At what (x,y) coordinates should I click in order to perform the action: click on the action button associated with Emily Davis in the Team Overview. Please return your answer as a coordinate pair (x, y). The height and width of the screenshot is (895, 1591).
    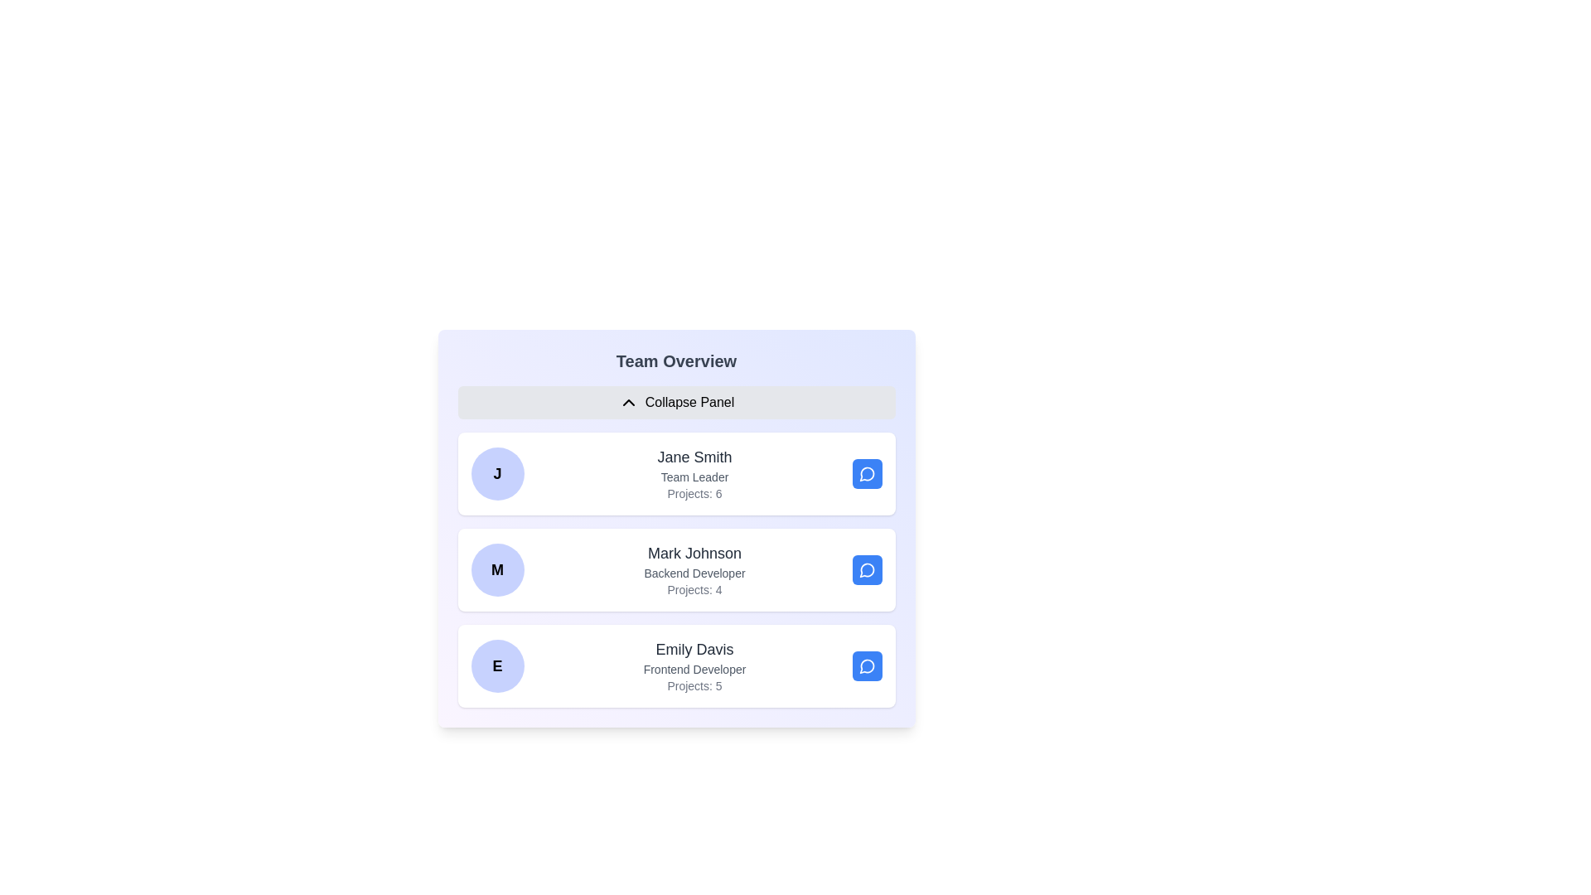
    Looking at the image, I should click on (866, 665).